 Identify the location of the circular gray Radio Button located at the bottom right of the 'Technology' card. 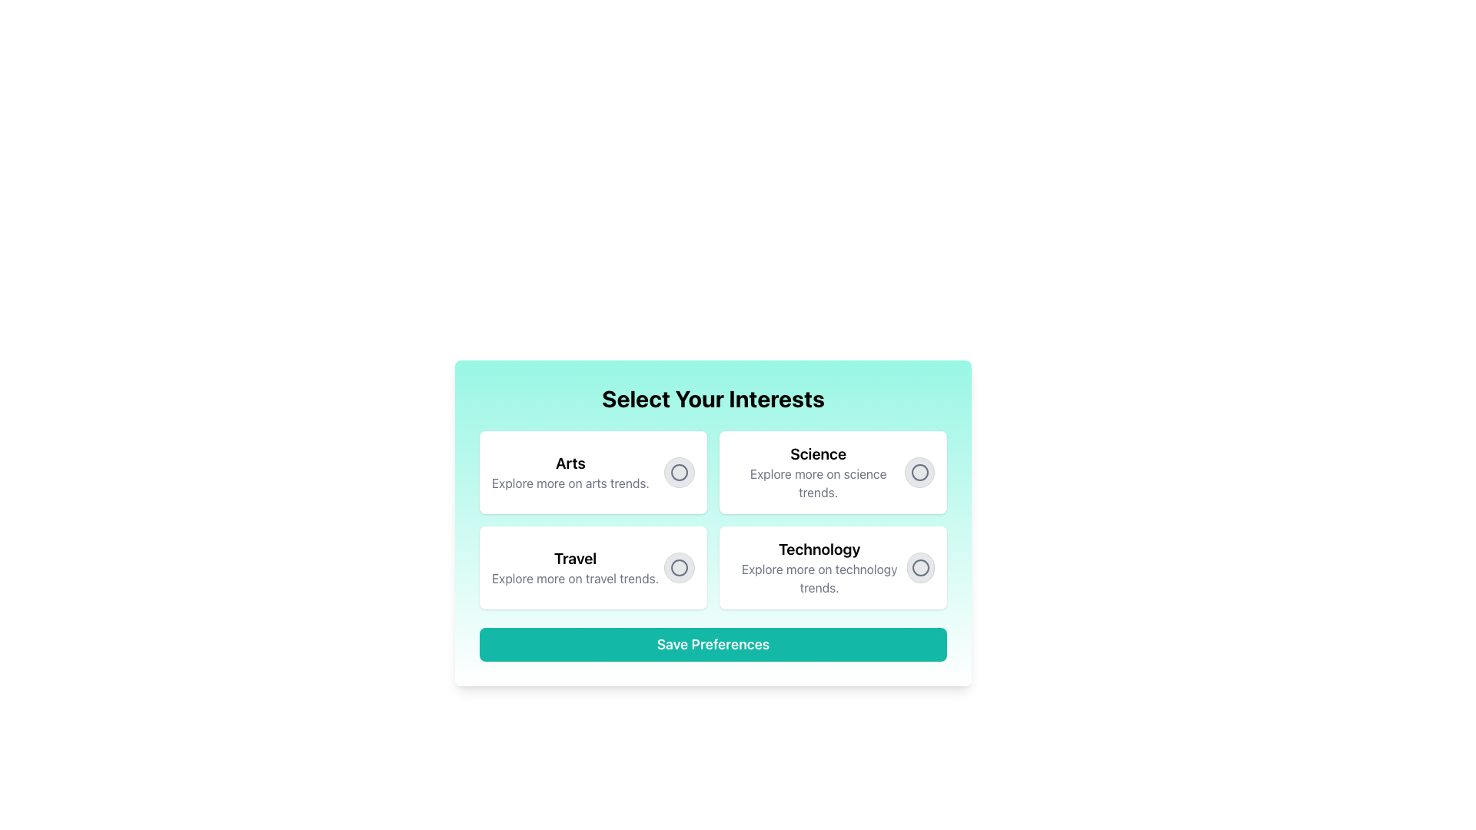
(921, 568).